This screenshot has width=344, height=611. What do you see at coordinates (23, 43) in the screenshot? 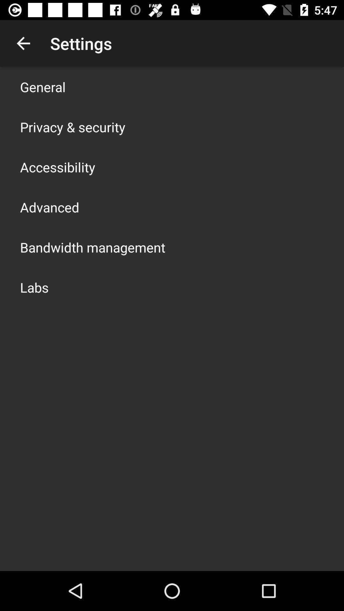
I see `app to the left of settings item` at bounding box center [23, 43].